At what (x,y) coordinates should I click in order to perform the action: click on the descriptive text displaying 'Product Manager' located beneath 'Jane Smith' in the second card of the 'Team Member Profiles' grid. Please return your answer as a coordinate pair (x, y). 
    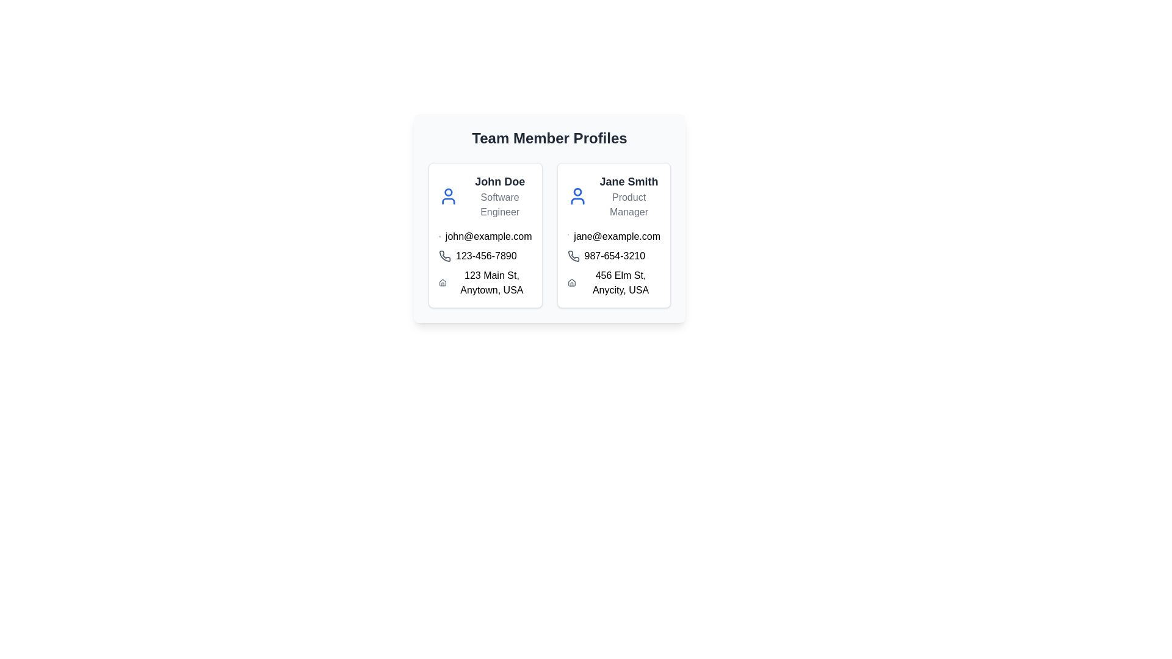
    Looking at the image, I should click on (629, 204).